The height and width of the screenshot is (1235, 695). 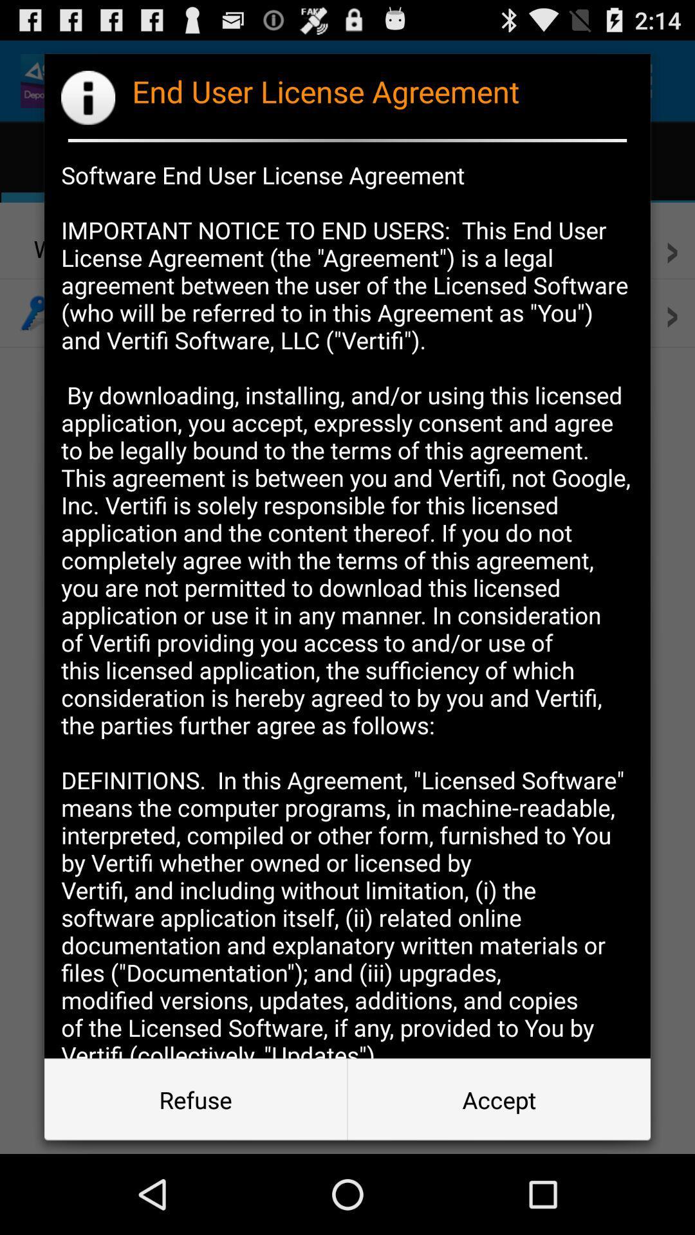 What do you see at coordinates (498, 1099) in the screenshot?
I see `button next to the refuse` at bounding box center [498, 1099].